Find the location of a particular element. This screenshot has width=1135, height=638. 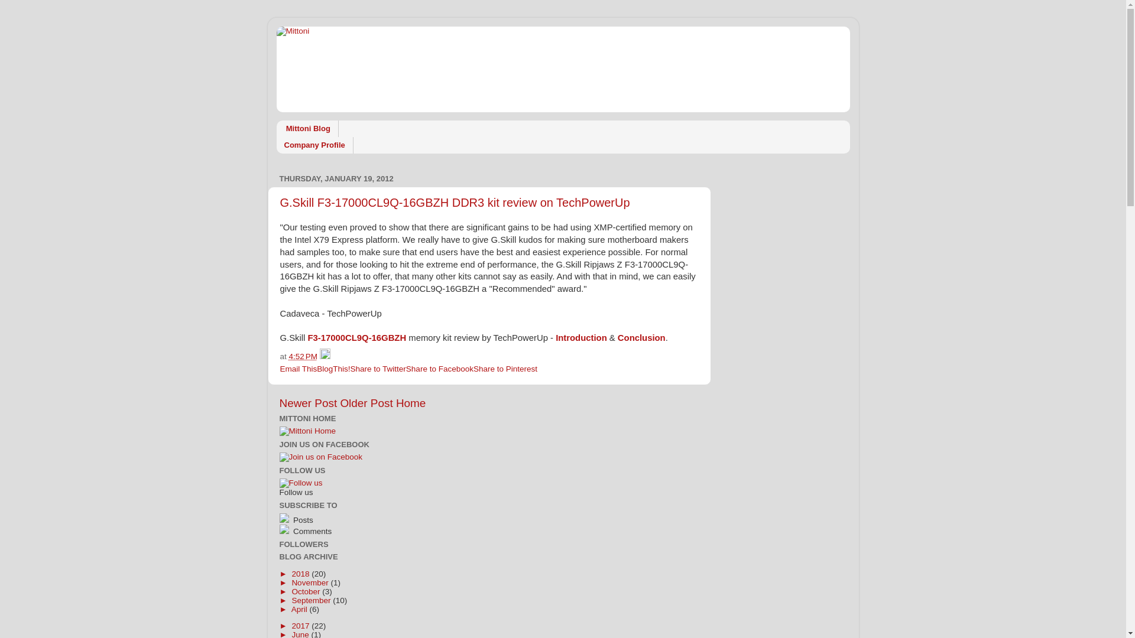

'November' is located at coordinates (311, 581).